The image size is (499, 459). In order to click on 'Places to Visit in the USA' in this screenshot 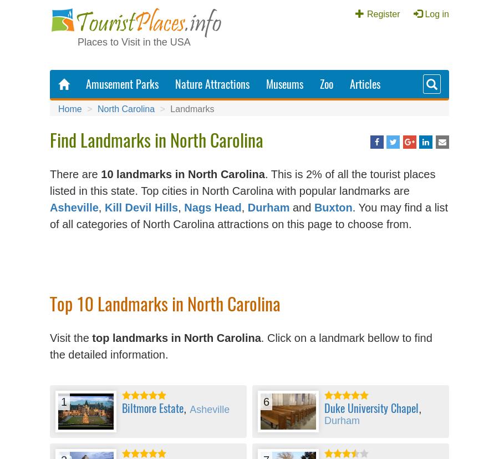, I will do `click(133, 42)`.